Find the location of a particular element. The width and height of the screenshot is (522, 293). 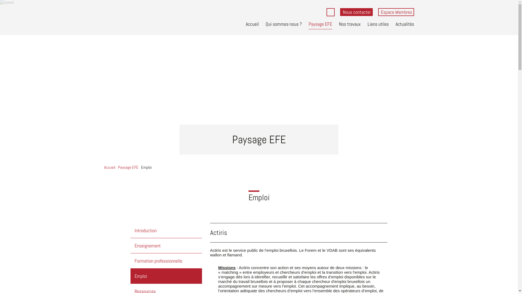

'Paysage EFE' is located at coordinates (117, 167).